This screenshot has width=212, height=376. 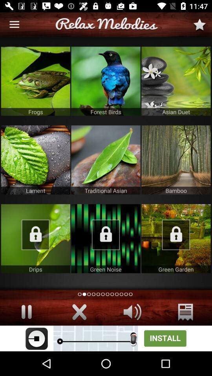 I want to click on the volume icon, so click(x=132, y=312).